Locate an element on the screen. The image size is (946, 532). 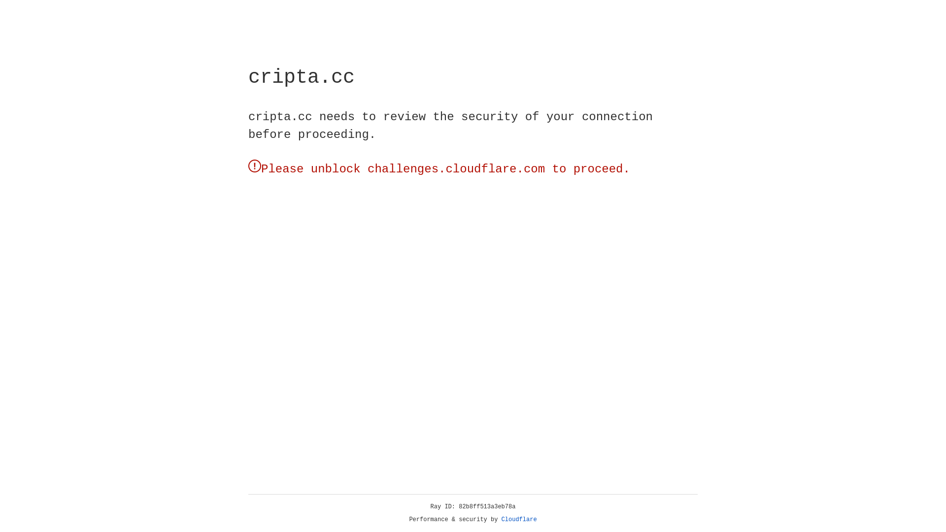
'Cloudflare' is located at coordinates (519, 519).